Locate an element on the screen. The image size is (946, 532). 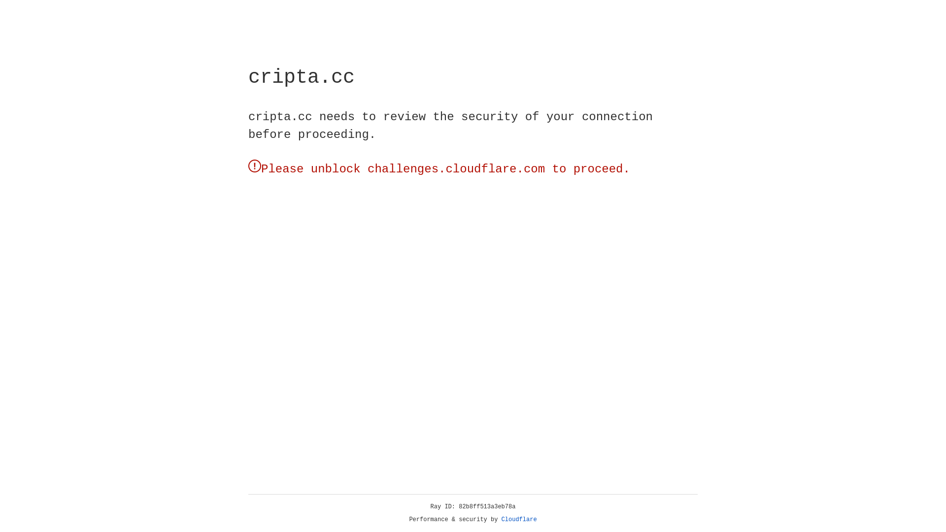
'Cloudflare' is located at coordinates (519, 519).